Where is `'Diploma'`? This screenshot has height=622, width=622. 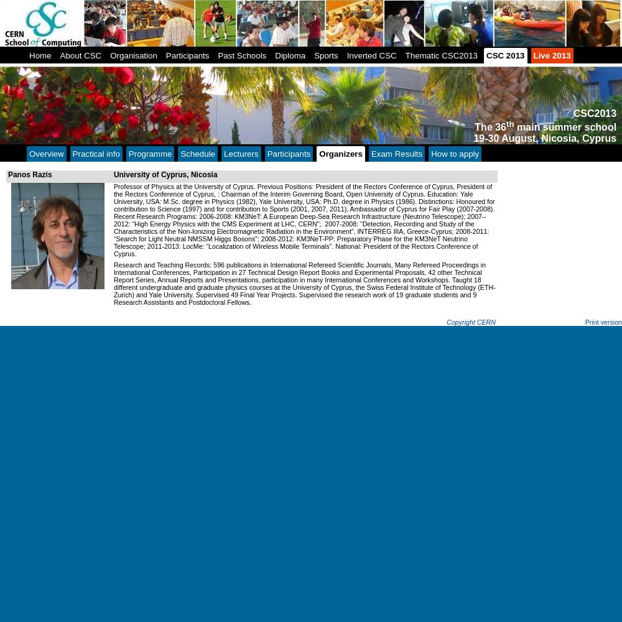 'Diploma' is located at coordinates (274, 55).